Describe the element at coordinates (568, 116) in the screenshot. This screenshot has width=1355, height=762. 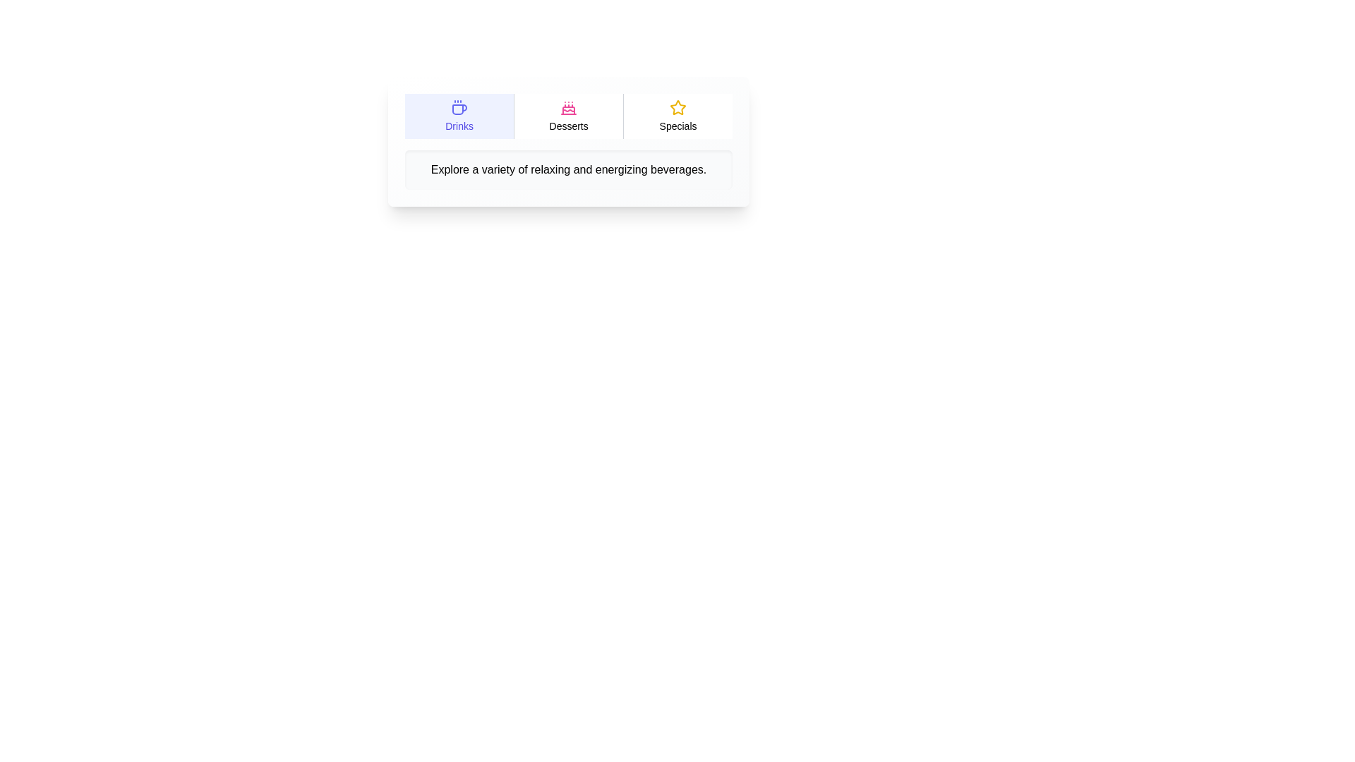
I see `the tab labeled Desserts and read its content` at that location.